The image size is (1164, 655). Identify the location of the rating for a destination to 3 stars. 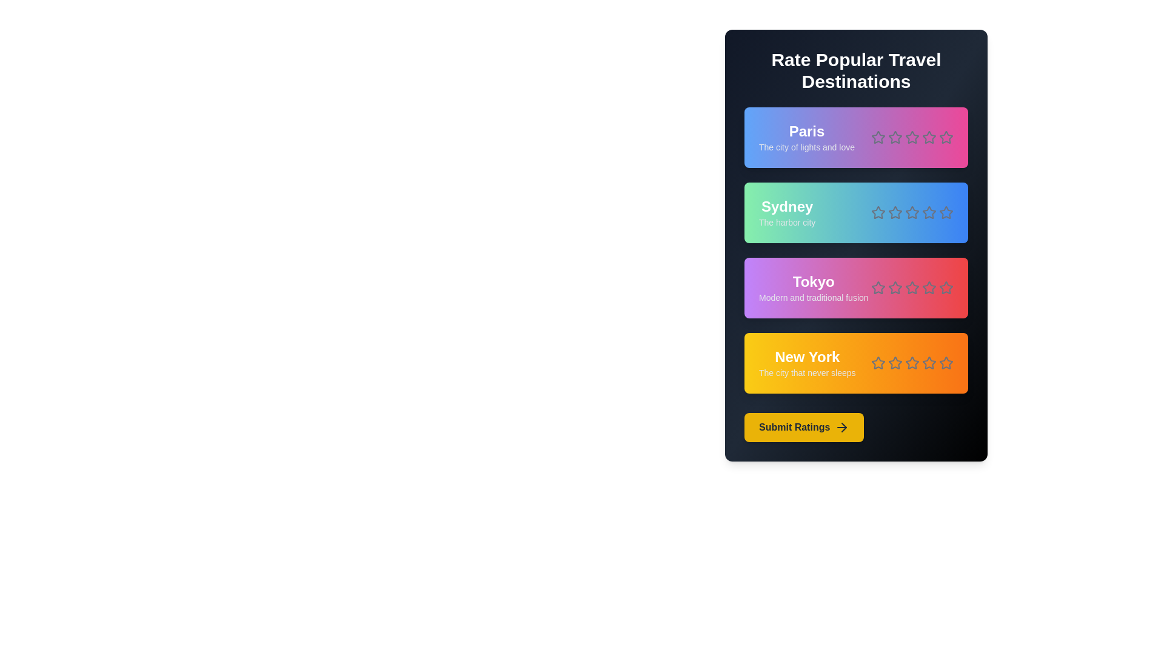
(912, 137).